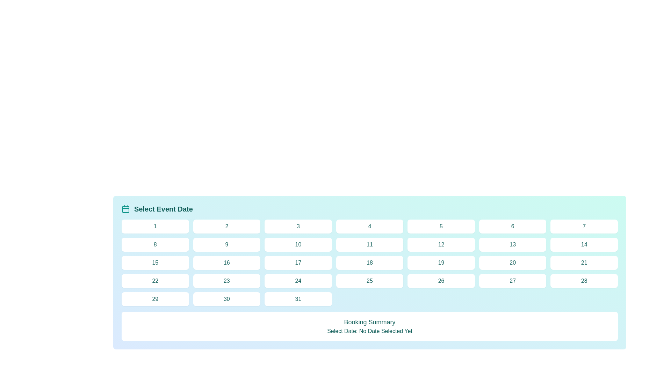 The height and width of the screenshot is (377, 671). I want to click on the date '24' button in the calendar interface, so click(298, 281).